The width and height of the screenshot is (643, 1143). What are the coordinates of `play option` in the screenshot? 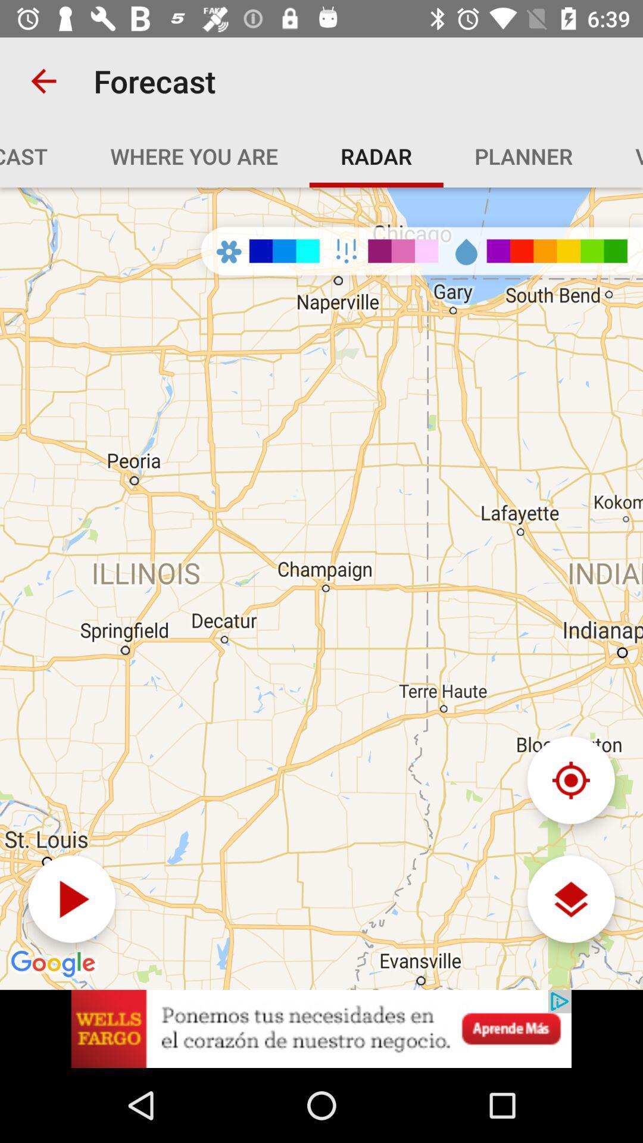 It's located at (71, 899).